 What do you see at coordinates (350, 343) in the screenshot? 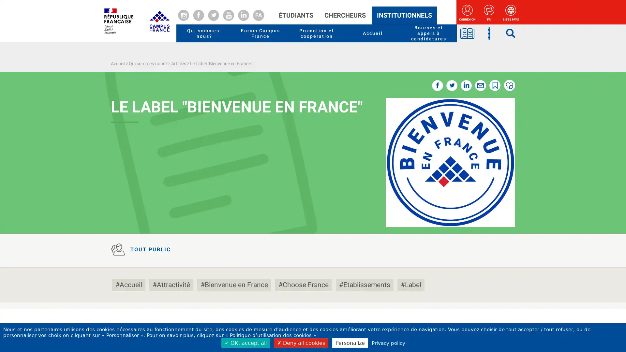
I see `Personalize` at bounding box center [350, 343].